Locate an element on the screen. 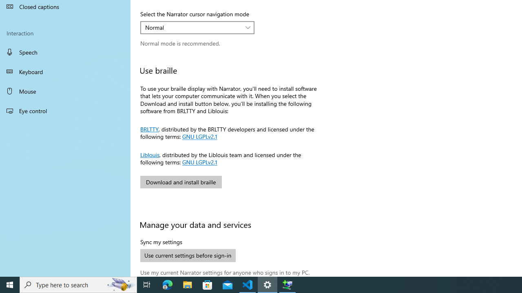  'Search highlights icon opens search home window' is located at coordinates (120, 284).